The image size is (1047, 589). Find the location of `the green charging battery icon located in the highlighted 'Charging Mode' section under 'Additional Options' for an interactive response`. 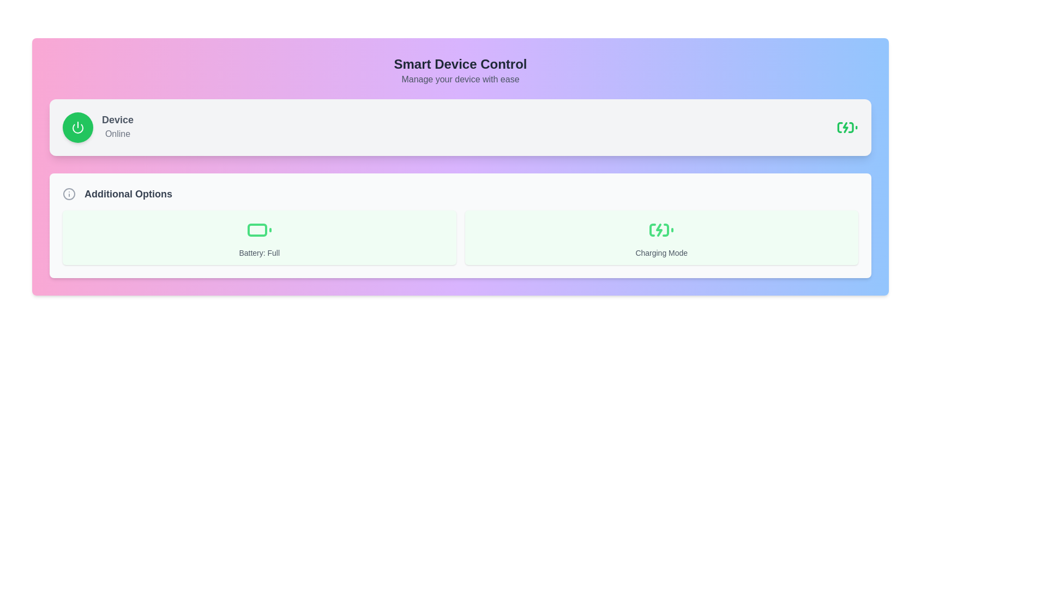

the green charging battery icon located in the highlighted 'Charging Mode' section under 'Additional Options' for an interactive response is located at coordinates (661, 229).